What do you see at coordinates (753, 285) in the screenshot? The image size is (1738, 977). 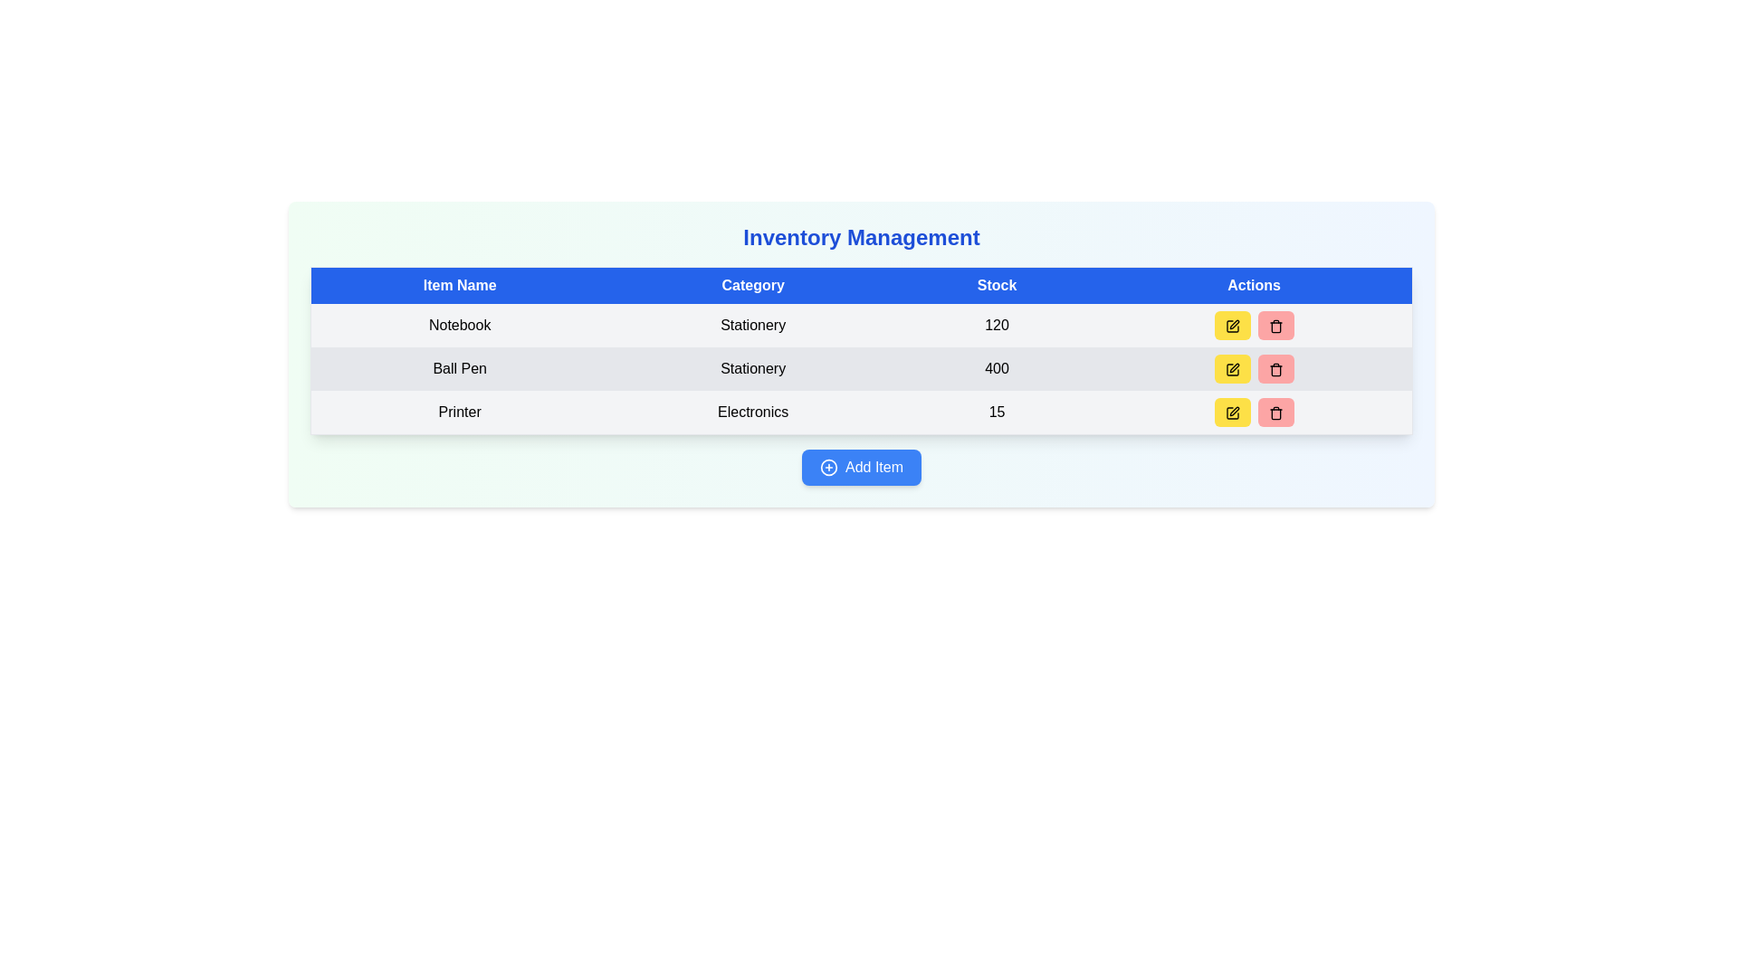 I see `the 'Category' label in the second column header of the table, located directly below the 'Inventory Management' title` at bounding box center [753, 285].